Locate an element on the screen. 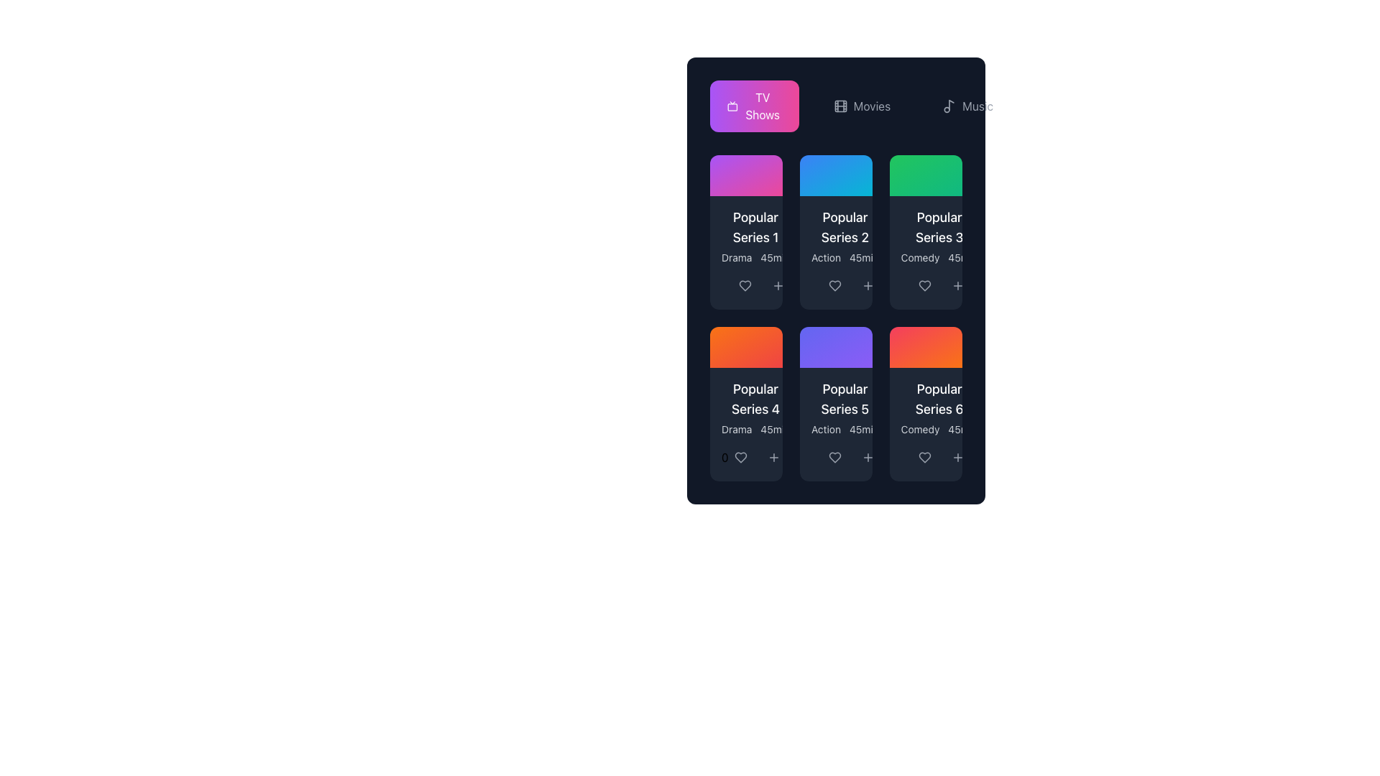 The height and width of the screenshot is (776, 1380). the stylized decorative region with a gradient background transitioning from rose red to orange, located in the third row and last column of the grid for 'Popular Series 6' is located at coordinates (926, 347).